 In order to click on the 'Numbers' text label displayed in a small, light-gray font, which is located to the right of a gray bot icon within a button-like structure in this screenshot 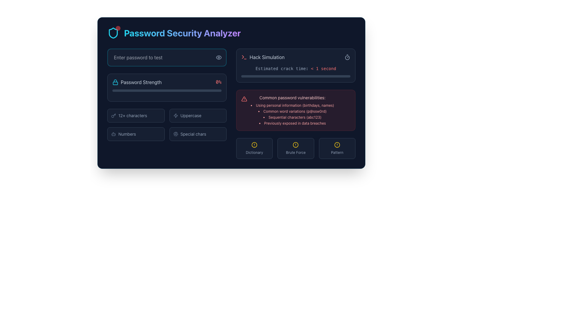, I will do `click(127, 134)`.